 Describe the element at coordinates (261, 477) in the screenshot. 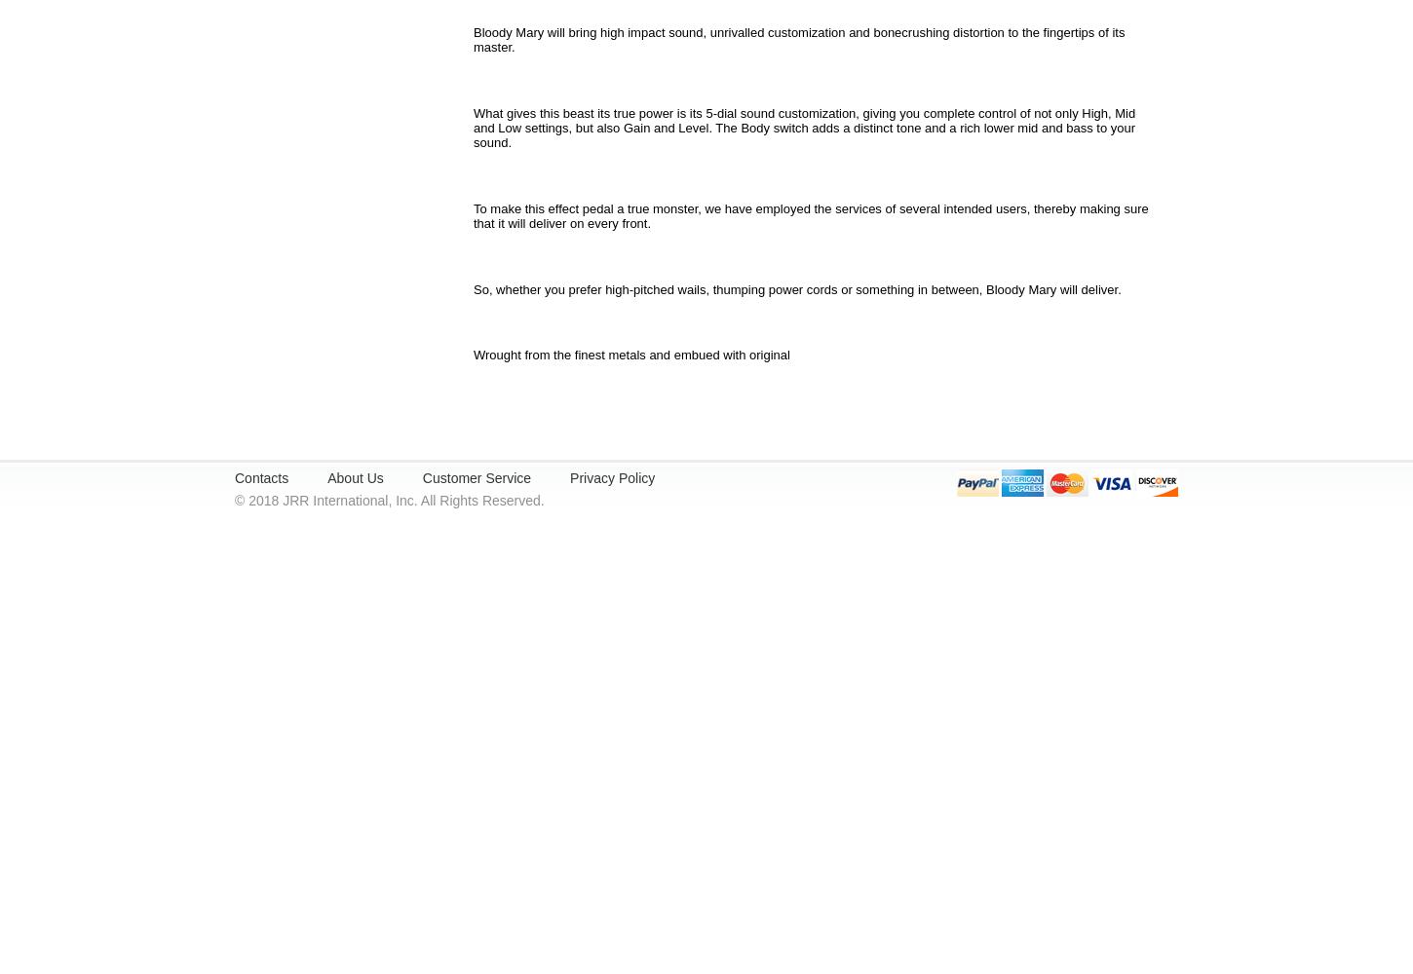

I see `'Contacts'` at that location.